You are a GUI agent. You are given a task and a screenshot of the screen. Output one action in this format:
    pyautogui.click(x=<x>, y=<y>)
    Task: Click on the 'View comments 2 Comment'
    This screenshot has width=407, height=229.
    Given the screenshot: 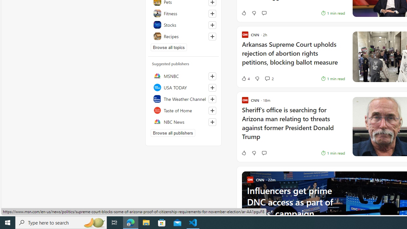 What is the action you would take?
    pyautogui.click(x=267, y=78)
    